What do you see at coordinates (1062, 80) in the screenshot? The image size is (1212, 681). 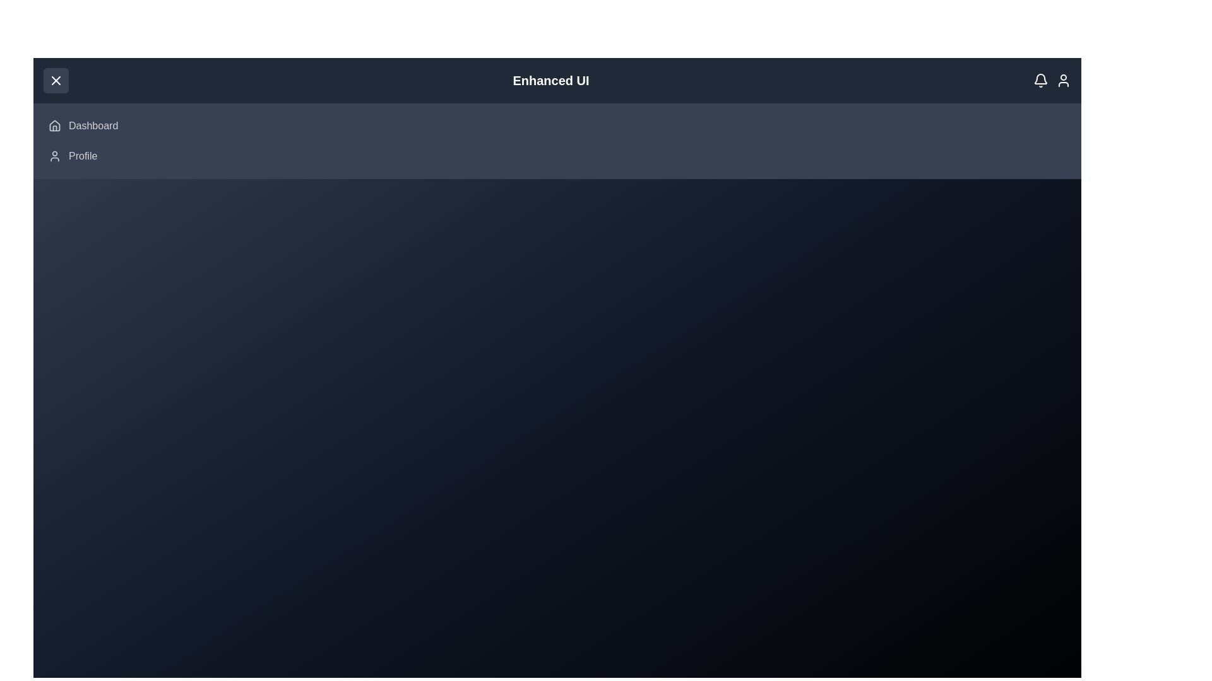 I see `the user profile icon to interact with it` at bounding box center [1062, 80].